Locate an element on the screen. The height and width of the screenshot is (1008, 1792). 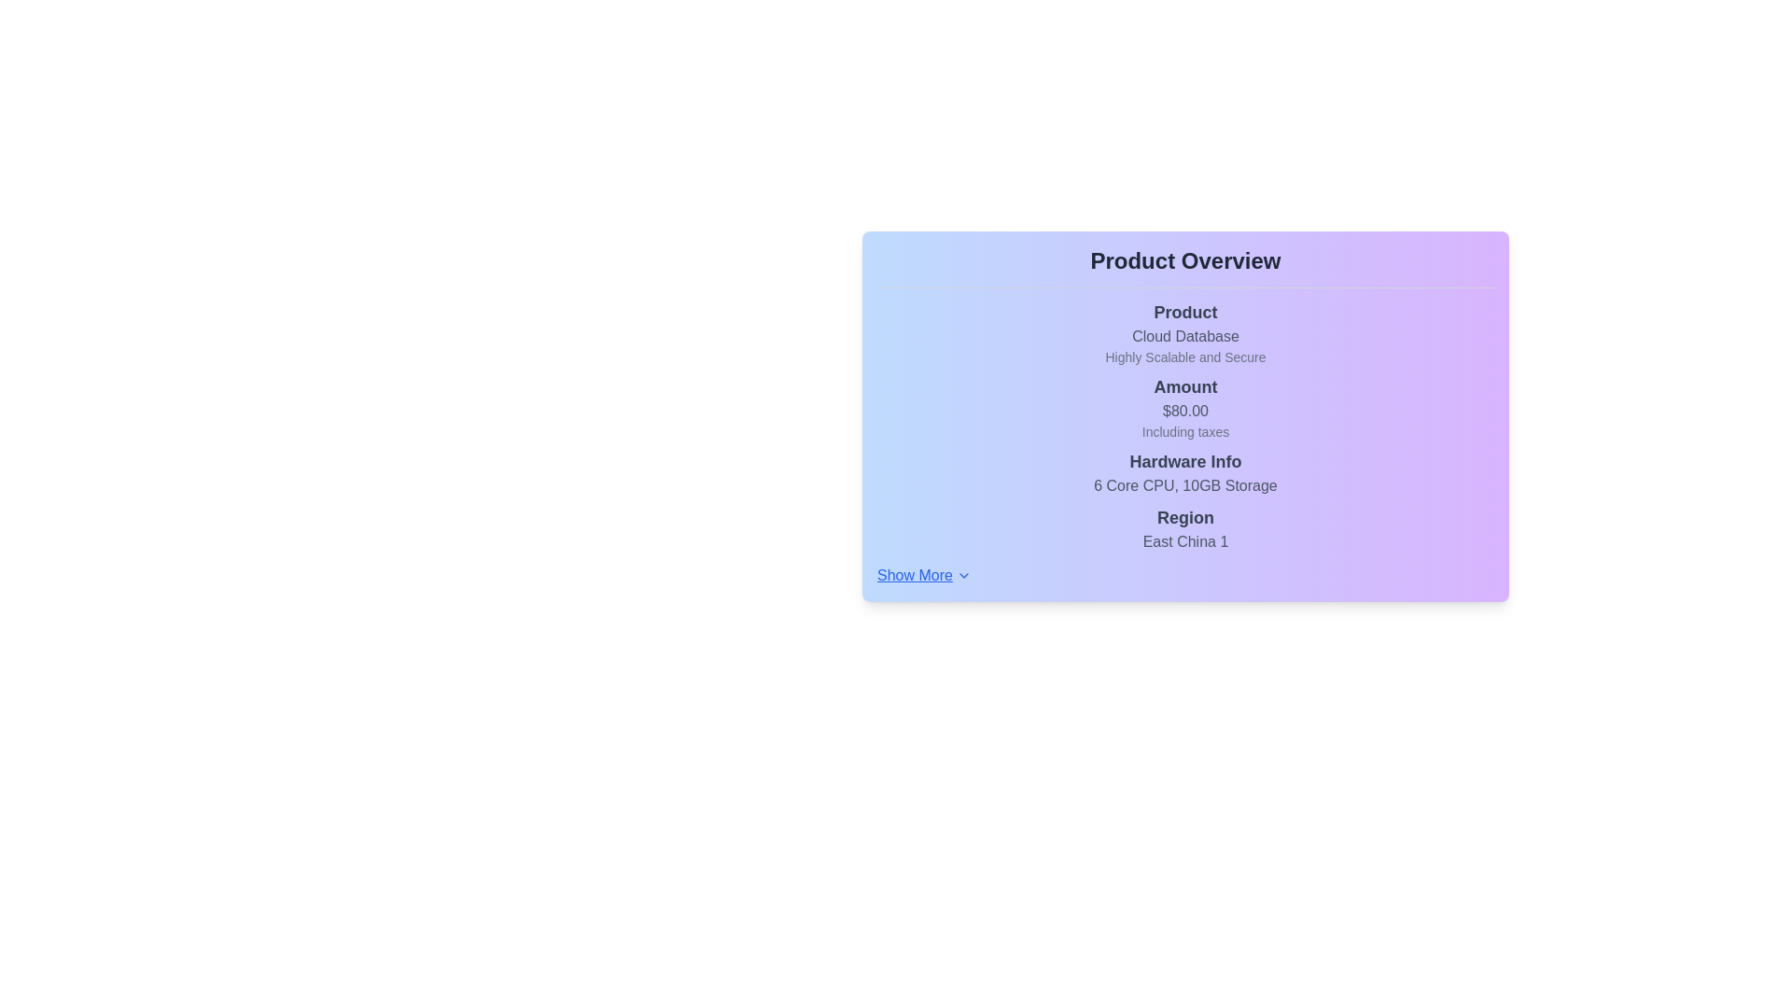
the Text group that displays 'Product', 'Cloud Database', and 'Highly Scalable and Secure' within the 'Product Overview' section is located at coordinates (1184, 332).